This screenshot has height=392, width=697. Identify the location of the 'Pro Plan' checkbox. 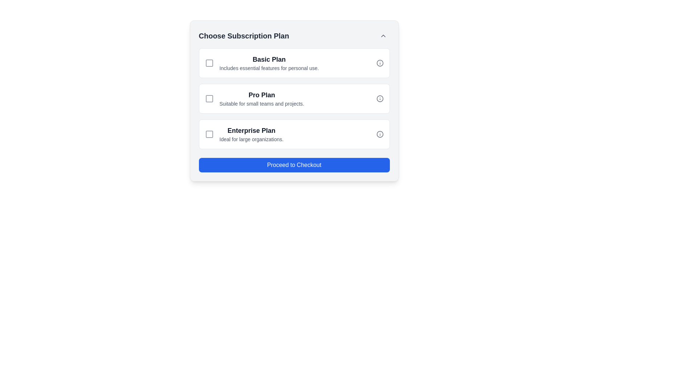
(209, 99).